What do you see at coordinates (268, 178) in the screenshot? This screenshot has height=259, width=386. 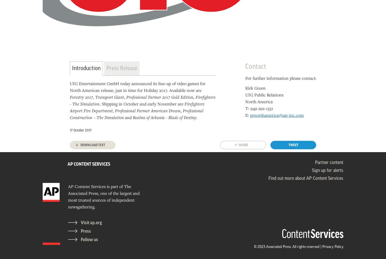 I see `'Find
                                out more about AP Content Services'` at bounding box center [268, 178].